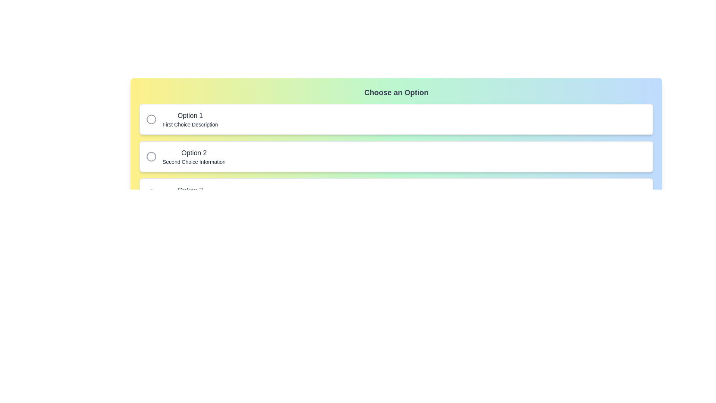 This screenshot has width=716, height=403. I want to click on the 'Option 3' label, which serves as the title for the third selectable option in the list, positioned below 'Option 2', so click(190, 190).